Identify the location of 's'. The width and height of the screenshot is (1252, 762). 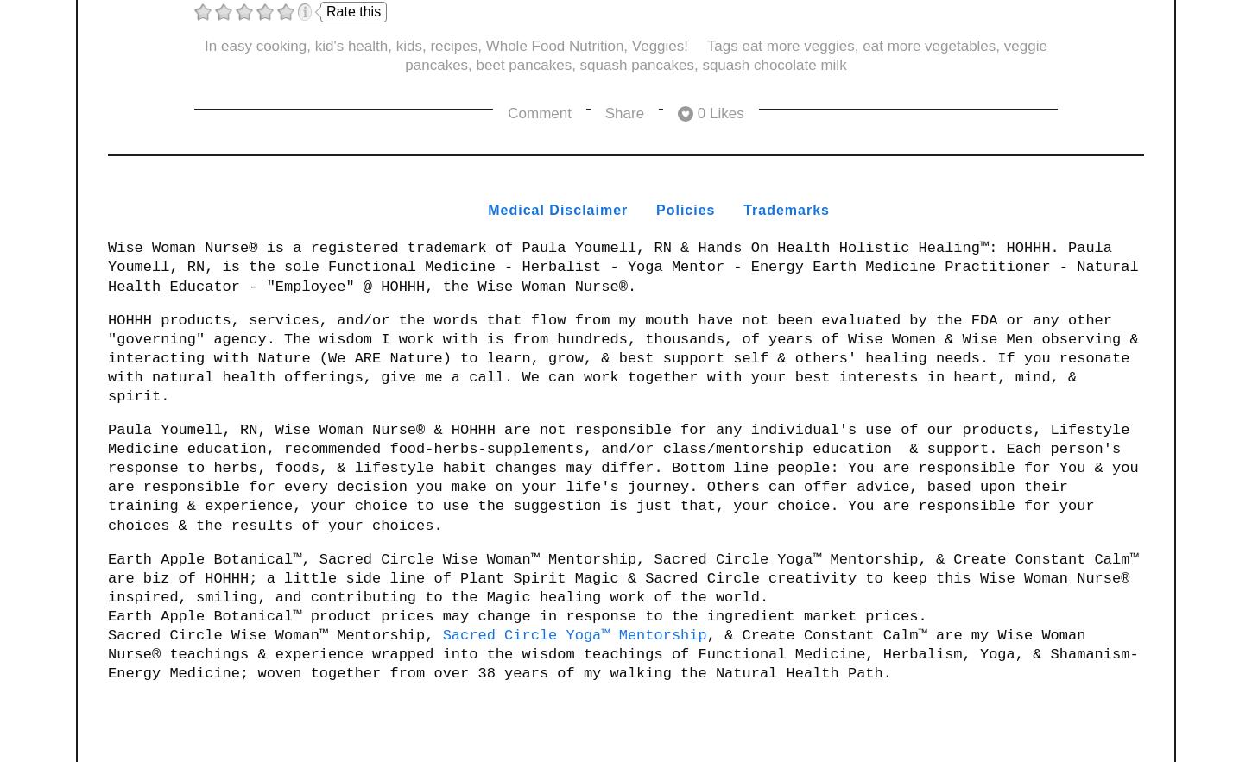
(824, 208).